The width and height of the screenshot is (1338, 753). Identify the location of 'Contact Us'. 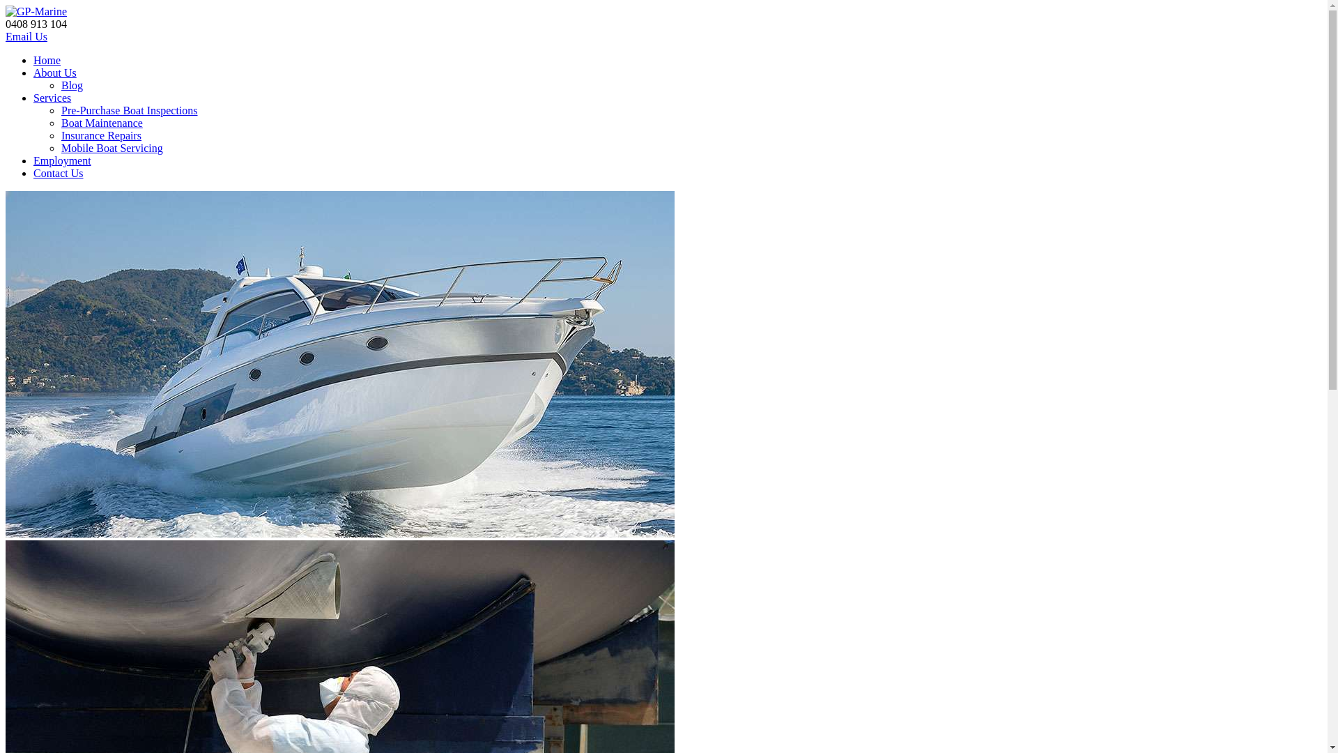
(57, 172).